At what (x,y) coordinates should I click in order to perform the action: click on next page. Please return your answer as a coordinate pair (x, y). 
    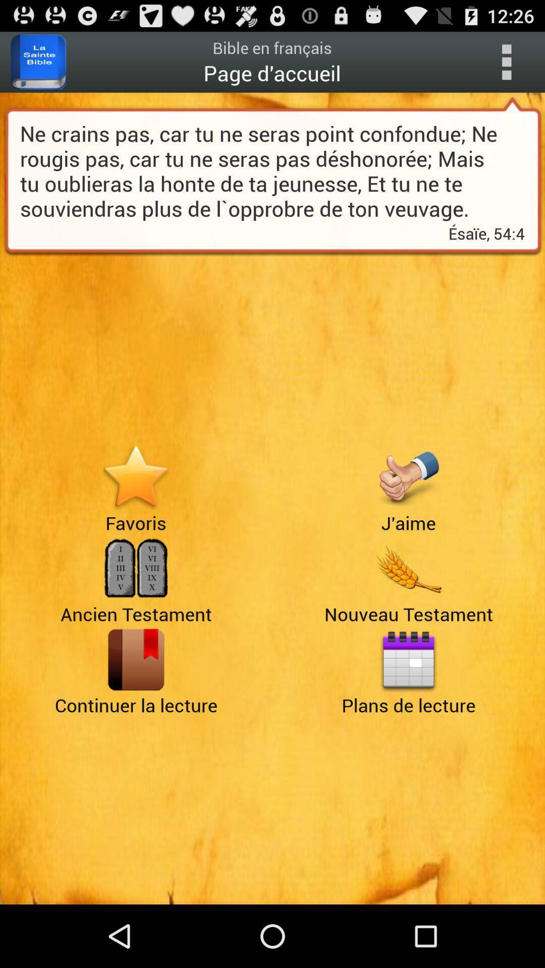
    Looking at the image, I should click on (135, 659).